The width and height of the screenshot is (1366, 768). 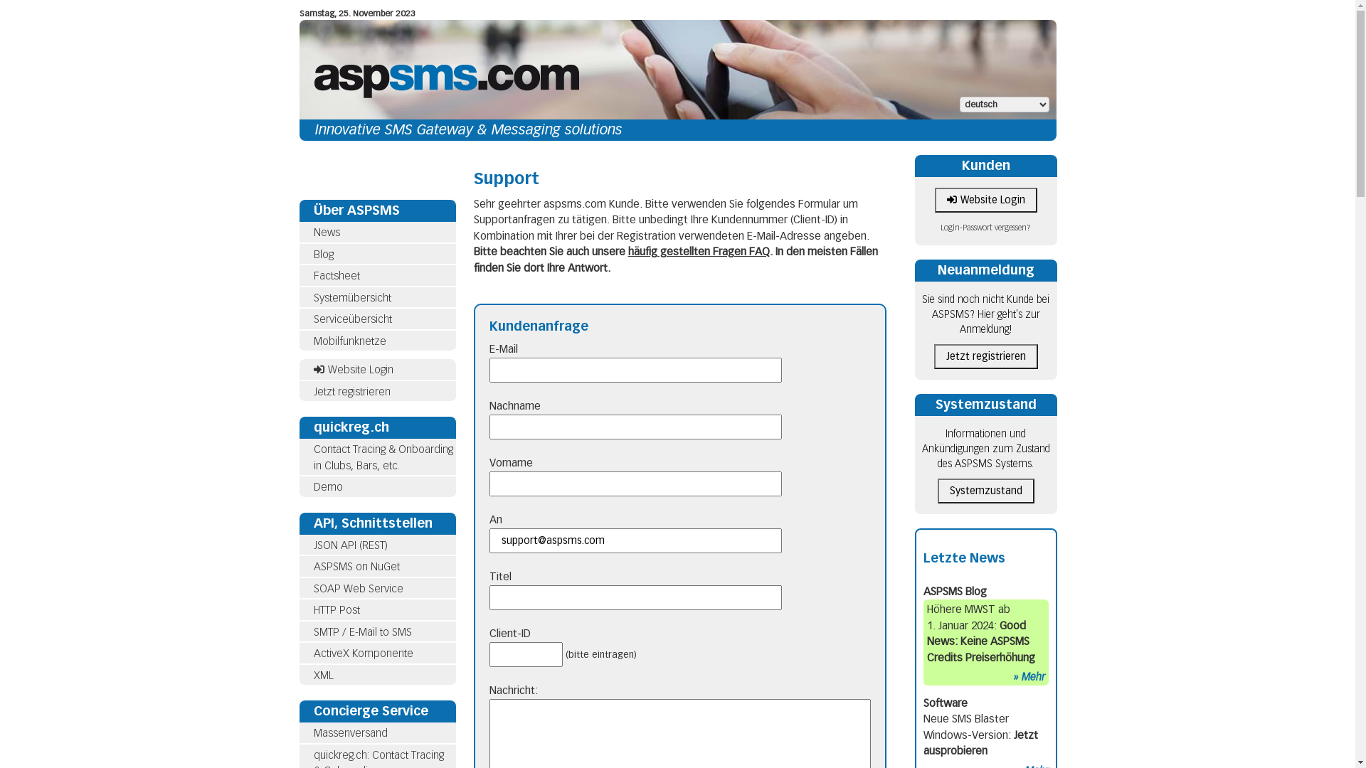 What do you see at coordinates (376, 392) in the screenshot?
I see `'Jetzt registrieren'` at bounding box center [376, 392].